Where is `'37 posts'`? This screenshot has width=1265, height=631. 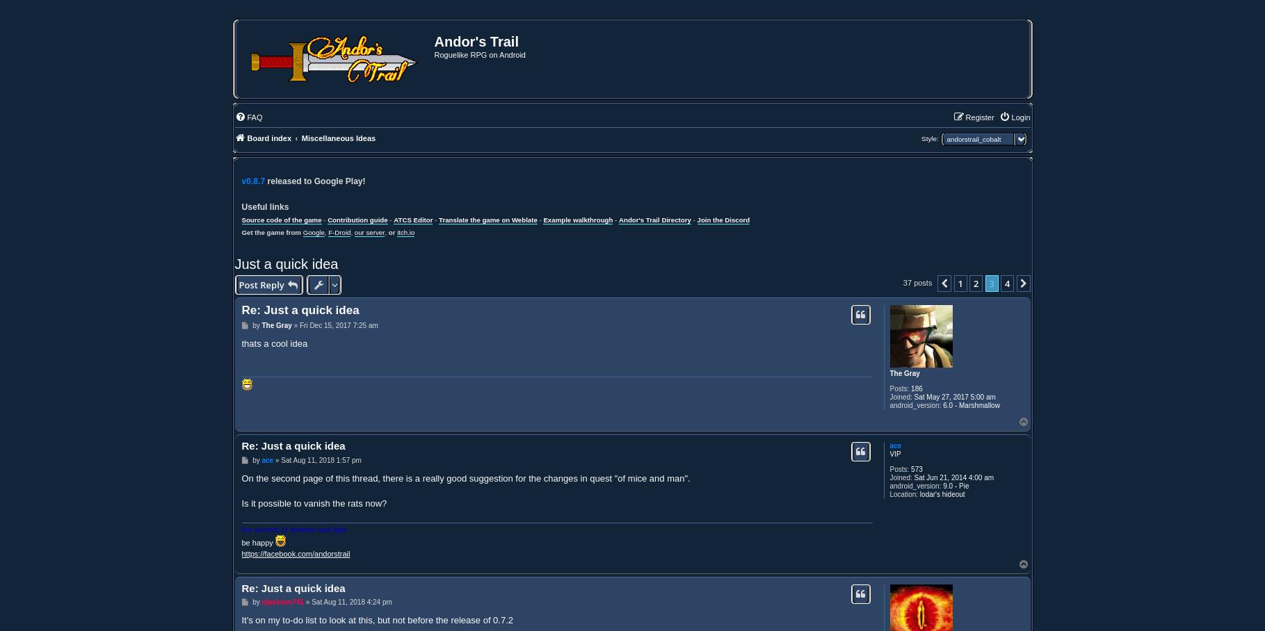
'37 posts' is located at coordinates (917, 281).